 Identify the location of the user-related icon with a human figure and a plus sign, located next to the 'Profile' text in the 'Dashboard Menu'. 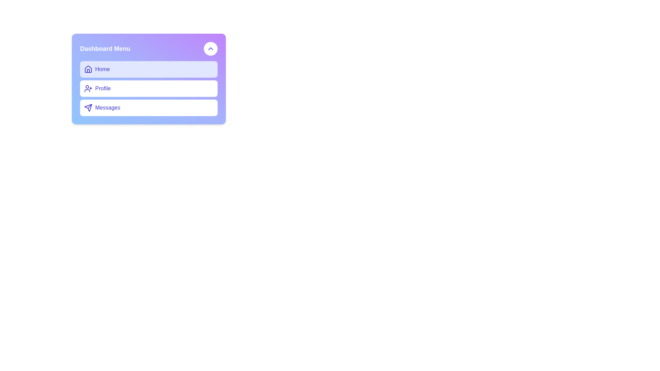
(88, 88).